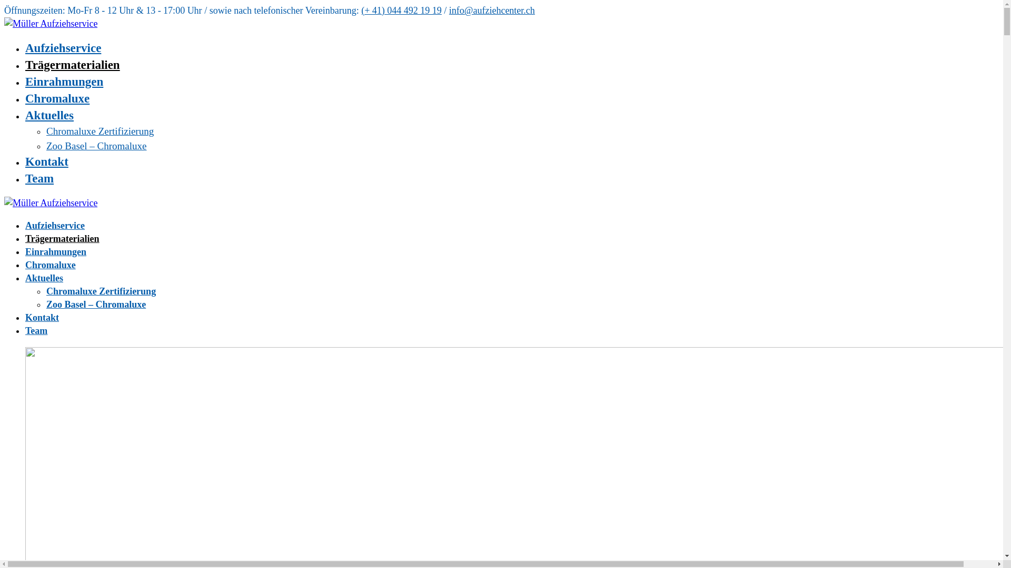 This screenshot has height=568, width=1011. What do you see at coordinates (25, 277) in the screenshot?
I see `'Aktuelles'` at bounding box center [25, 277].